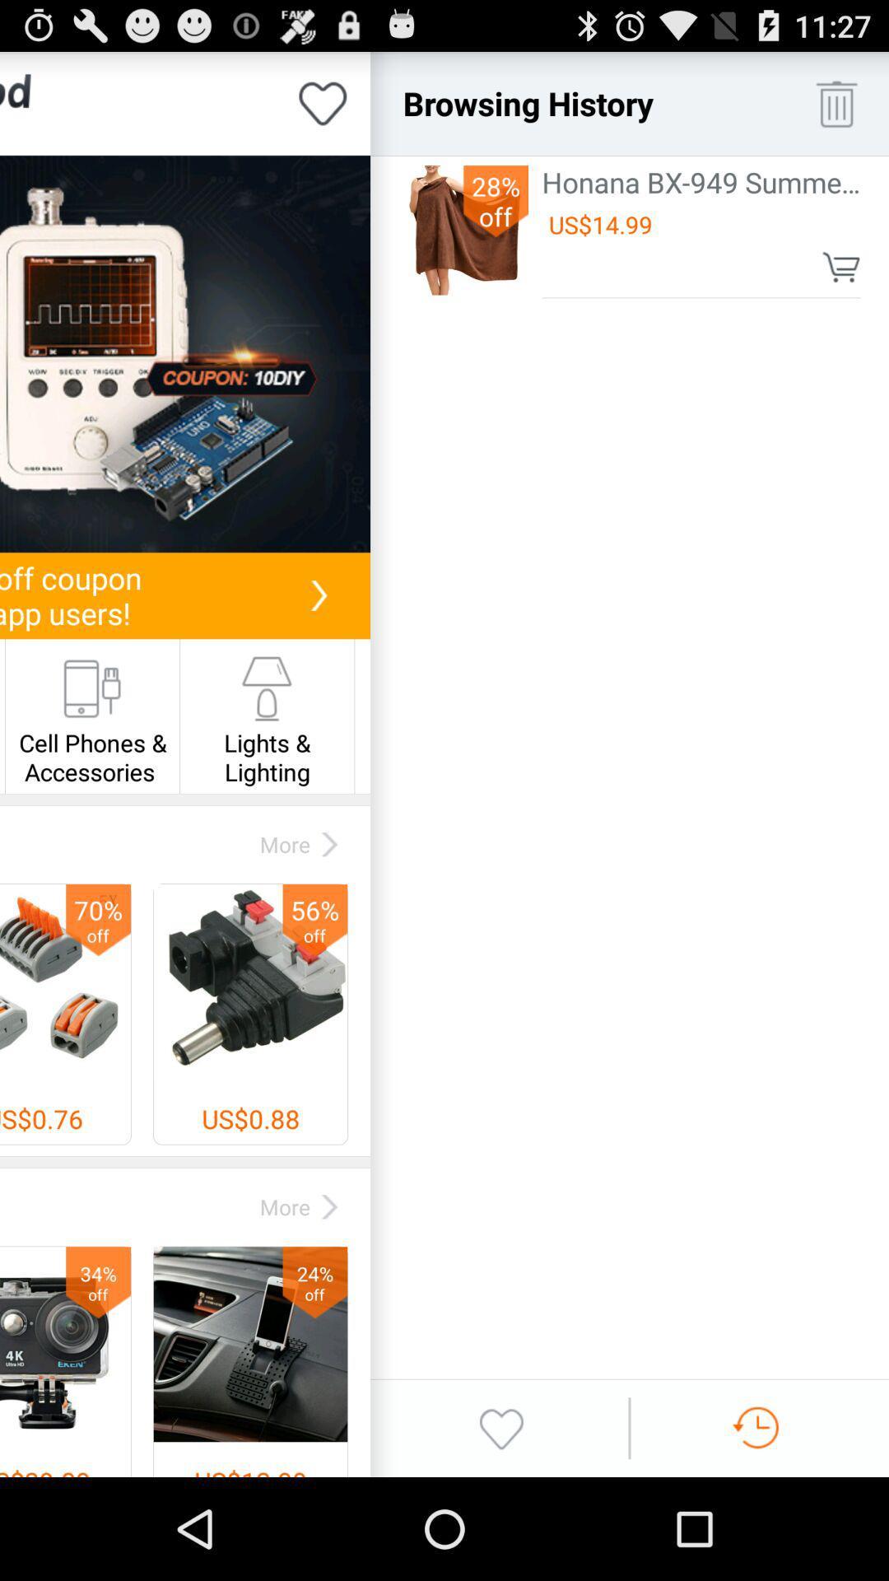  I want to click on the honana bx 949 item, so click(701, 182).